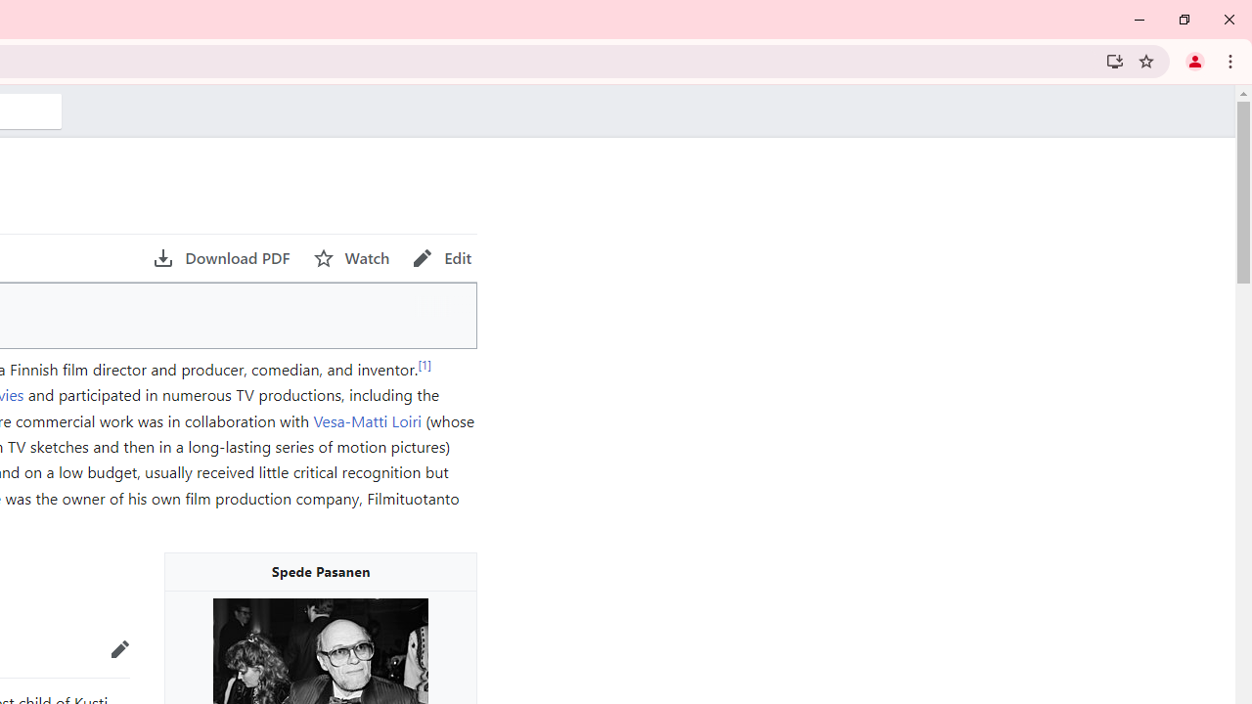 The height and width of the screenshot is (704, 1252). What do you see at coordinates (221, 257) in the screenshot?
I see `'AutomationID: minerva-download'` at bounding box center [221, 257].